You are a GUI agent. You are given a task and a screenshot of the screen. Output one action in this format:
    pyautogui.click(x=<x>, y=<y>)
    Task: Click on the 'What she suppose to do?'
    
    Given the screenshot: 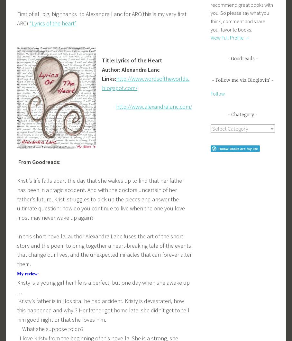 What is the action you would take?
    pyautogui.click(x=52, y=328)
    